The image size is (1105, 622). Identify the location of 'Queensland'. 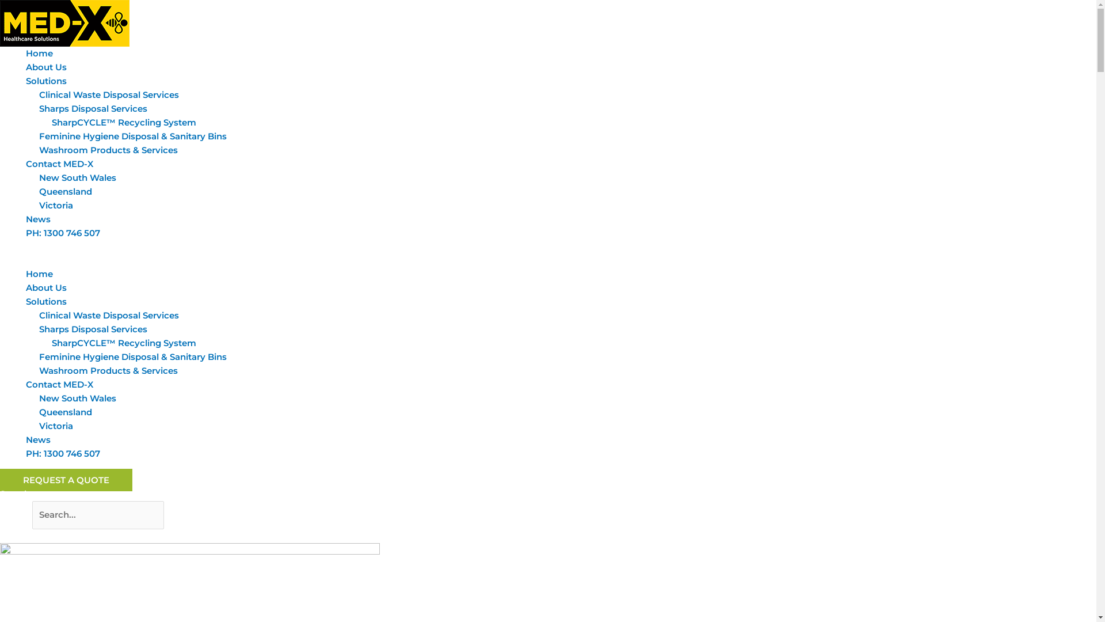
(65, 191).